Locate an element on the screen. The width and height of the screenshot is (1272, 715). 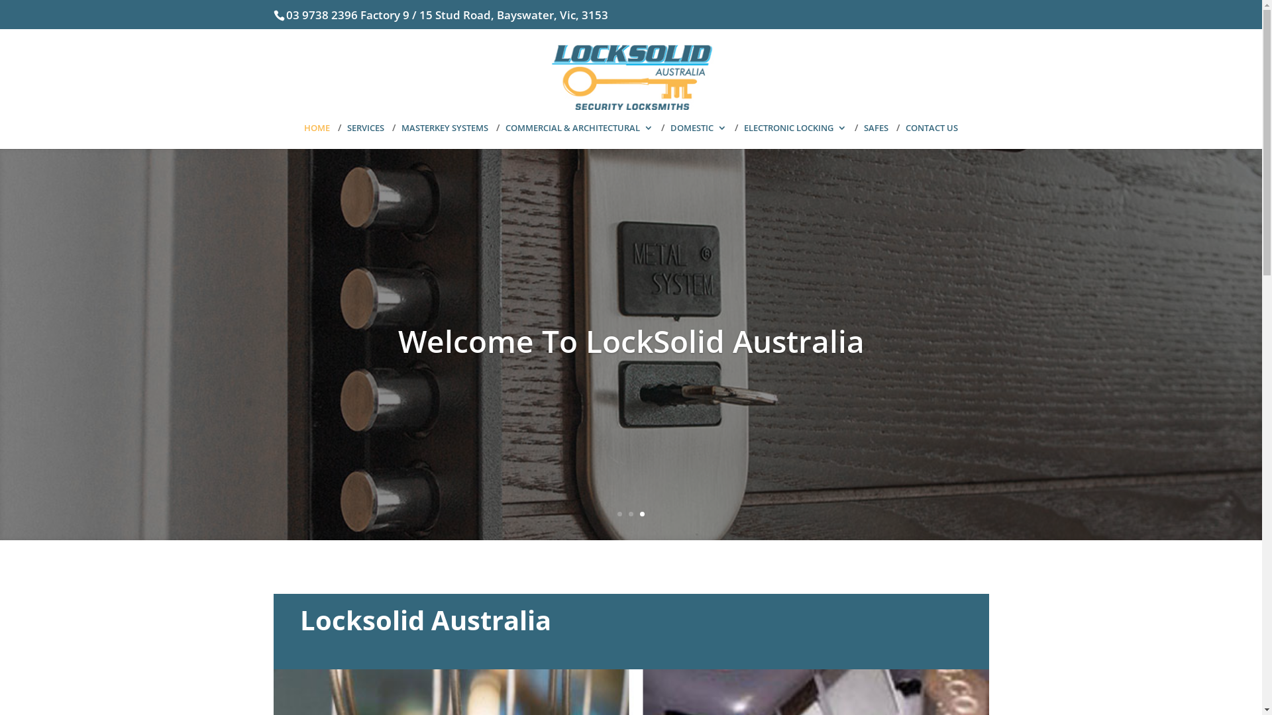
'ELECTRONIC LOCKING' is located at coordinates (795, 136).